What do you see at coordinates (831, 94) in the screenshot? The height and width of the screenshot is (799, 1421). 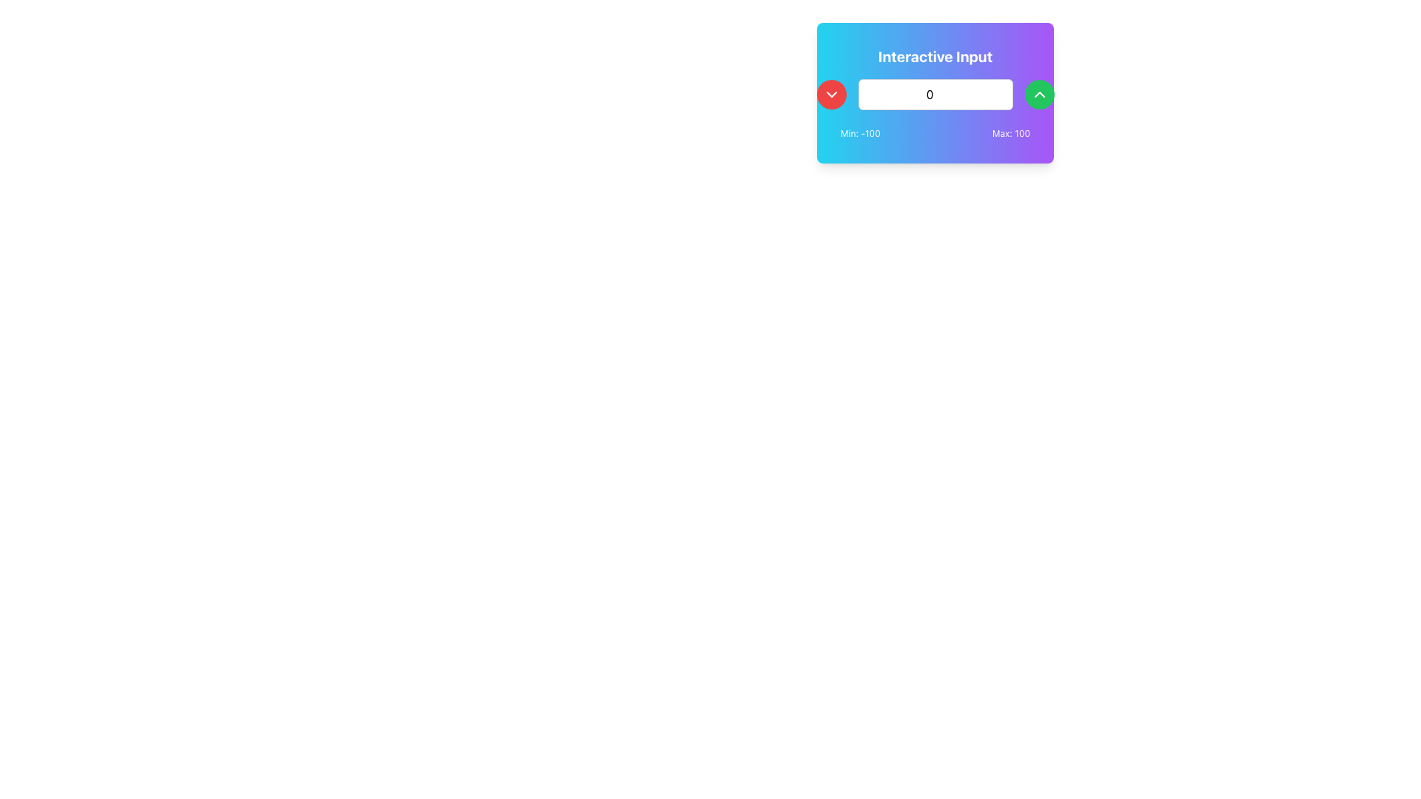 I see `the Interactive Button located to the left of the numeric input field to decrement the value displayed in the field` at bounding box center [831, 94].